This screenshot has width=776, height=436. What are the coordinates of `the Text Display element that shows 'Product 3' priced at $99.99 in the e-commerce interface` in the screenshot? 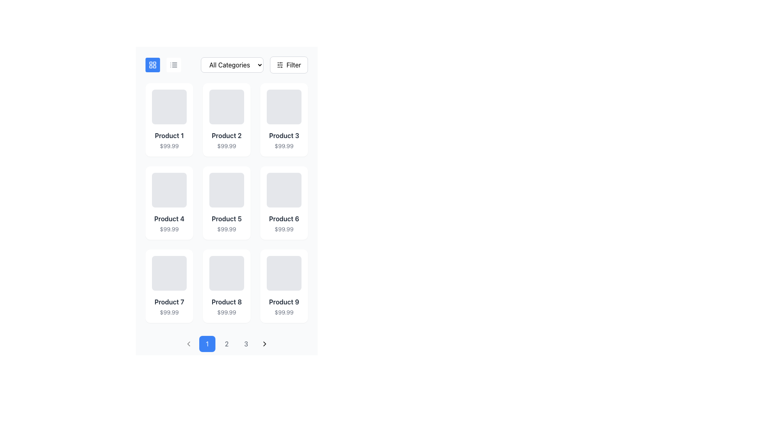 It's located at (284, 140).